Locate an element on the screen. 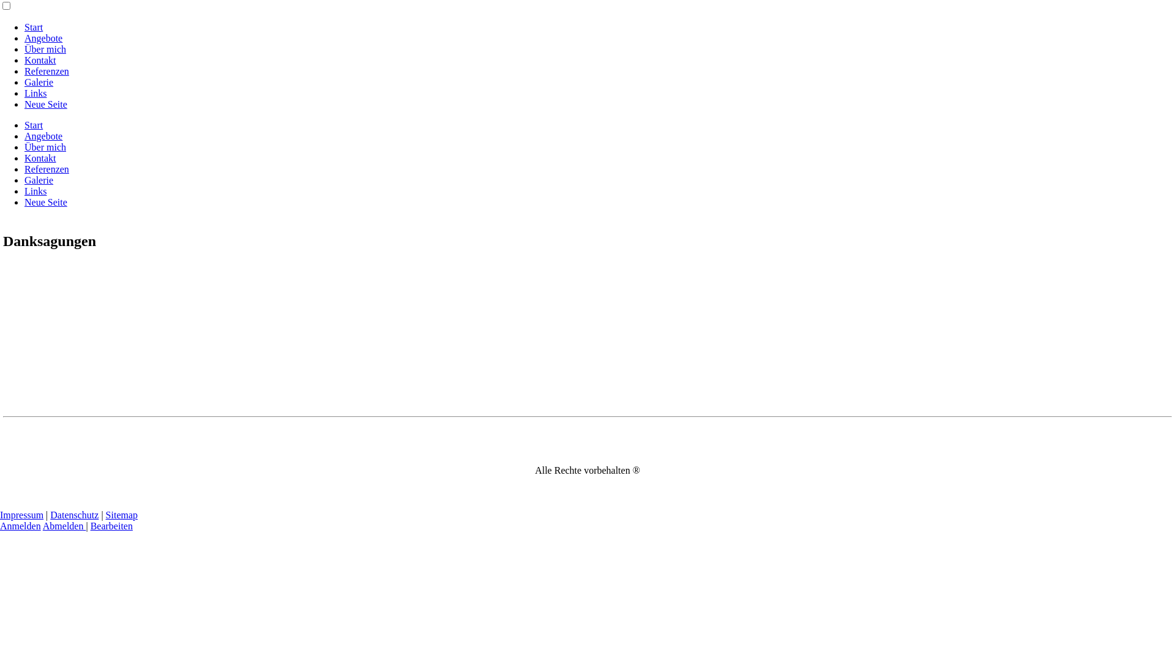  'Impressum' is located at coordinates (21, 515).